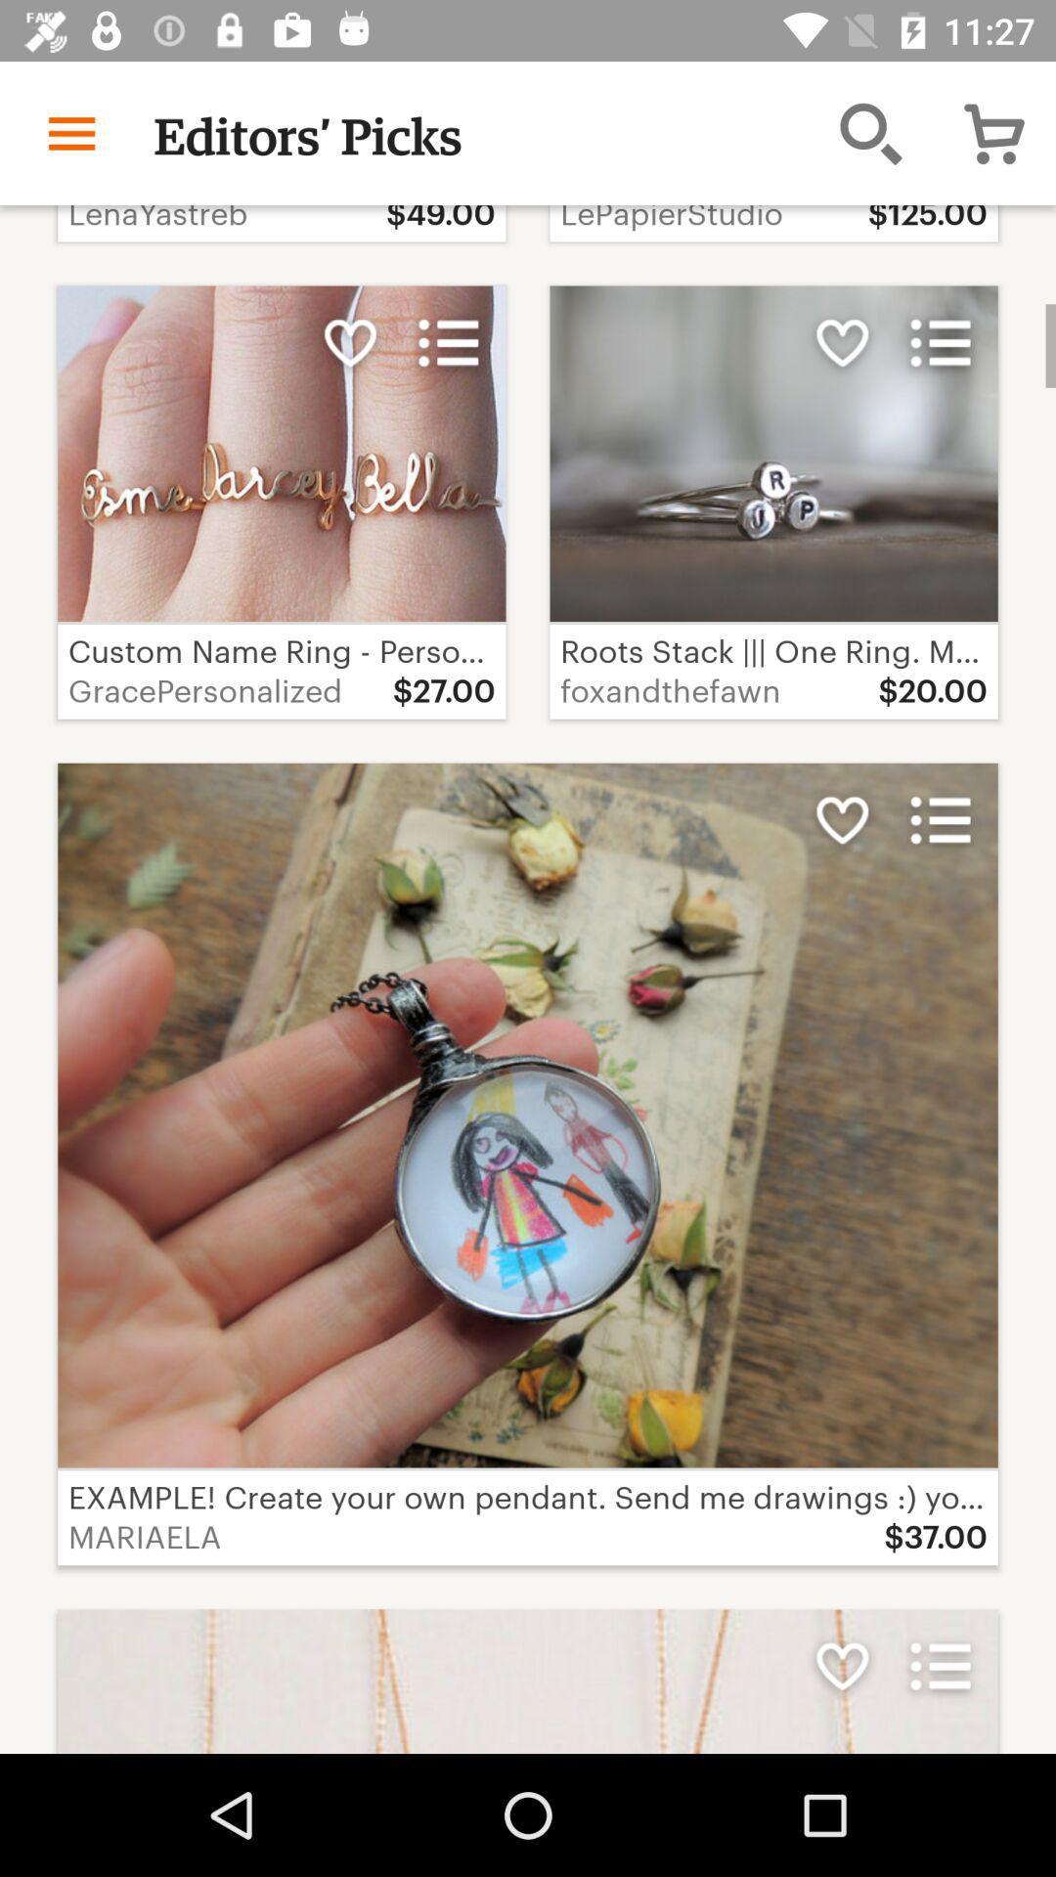 Image resolution: width=1056 pixels, height=1877 pixels. Describe the element at coordinates (870, 132) in the screenshot. I see `the item next to $49.00 item` at that location.